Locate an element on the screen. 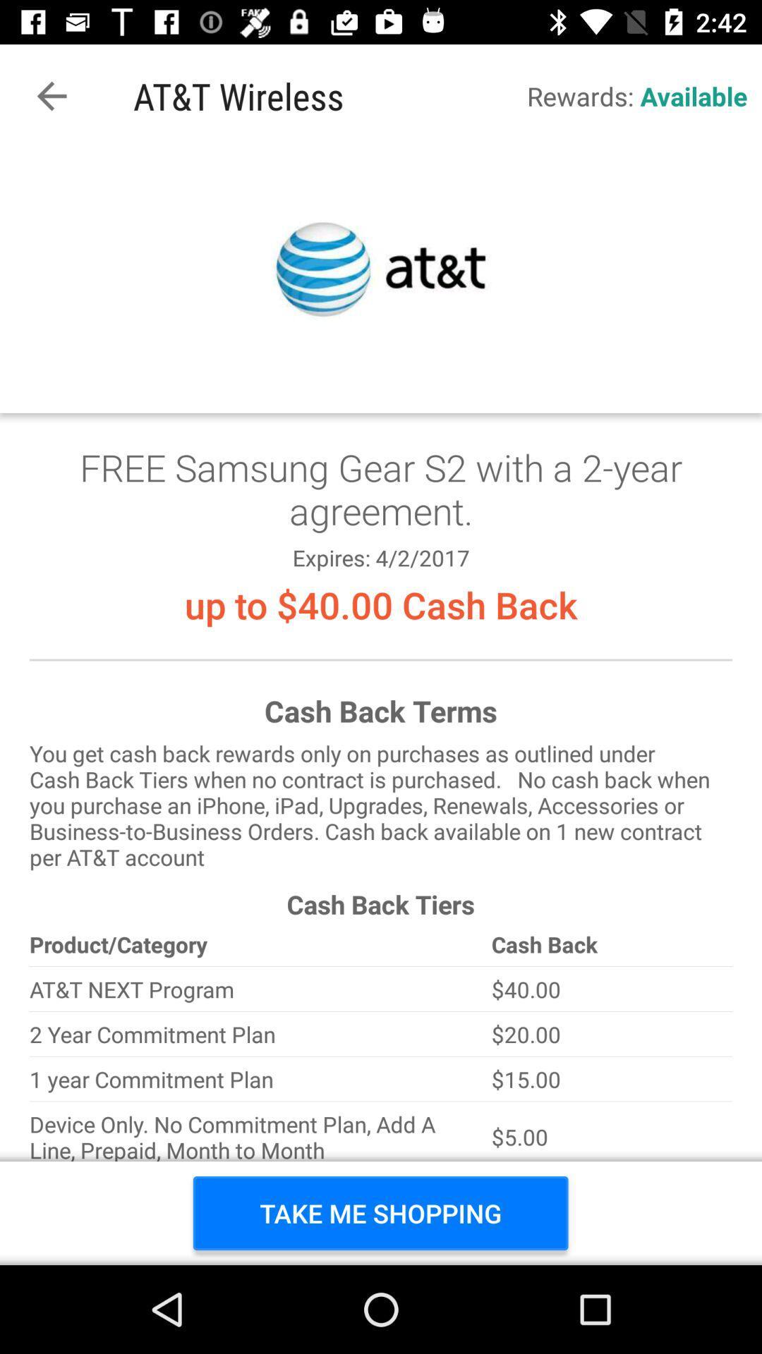 This screenshot has height=1354, width=762. the icon next to the at&t wireless icon is located at coordinates (51, 95).